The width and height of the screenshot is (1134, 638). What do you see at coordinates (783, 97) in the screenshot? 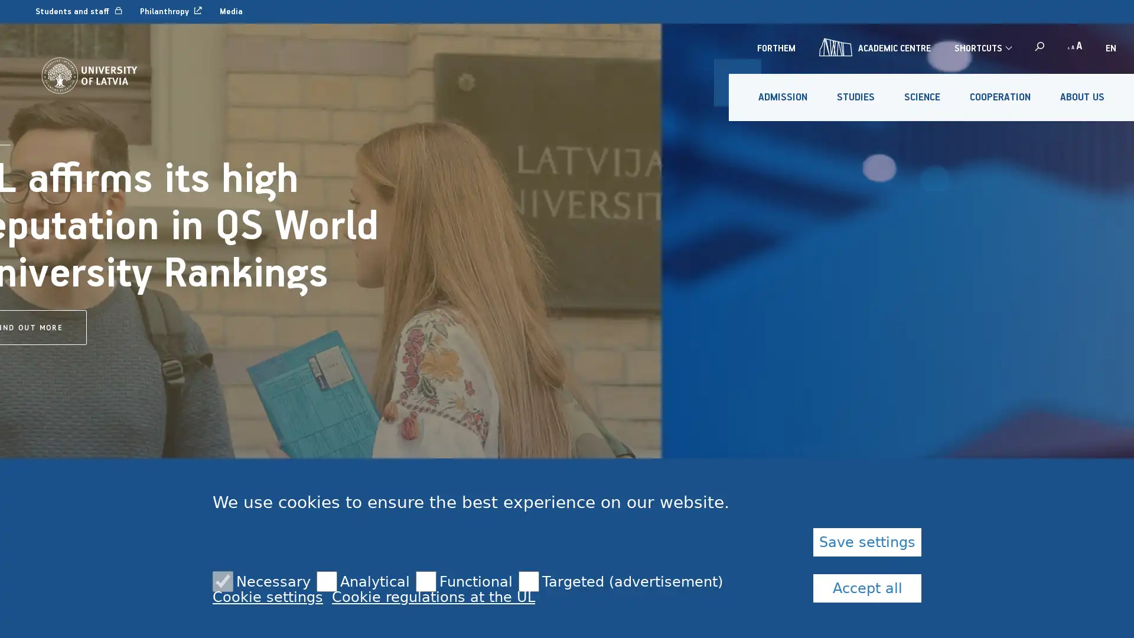
I see `ADMISSION` at bounding box center [783, 97].